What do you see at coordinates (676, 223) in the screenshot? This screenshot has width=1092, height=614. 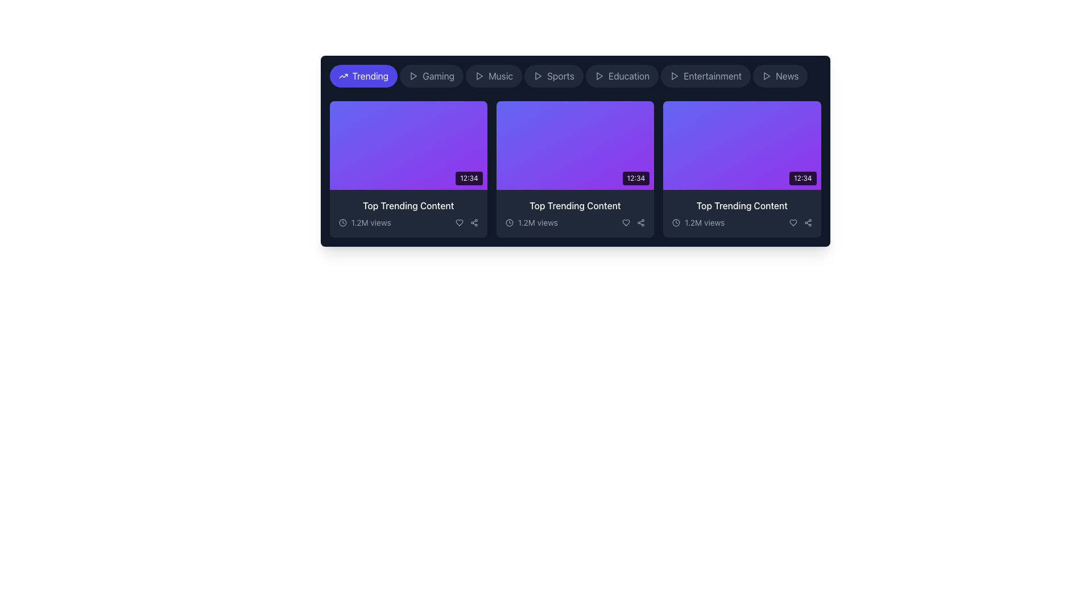 I see `the SVG Circle element, which is part of the clock-like icon located centrally in the metadata section below the content card` at bounding box center [676, 223].